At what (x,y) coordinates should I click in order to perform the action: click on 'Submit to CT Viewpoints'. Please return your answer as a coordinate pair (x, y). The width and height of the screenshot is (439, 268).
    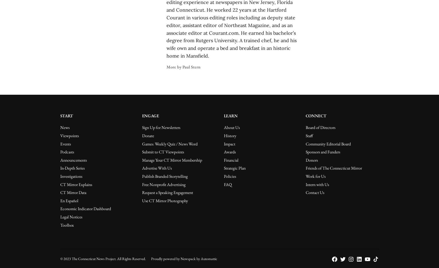
    Looking at the image, I should click on (162, 152).